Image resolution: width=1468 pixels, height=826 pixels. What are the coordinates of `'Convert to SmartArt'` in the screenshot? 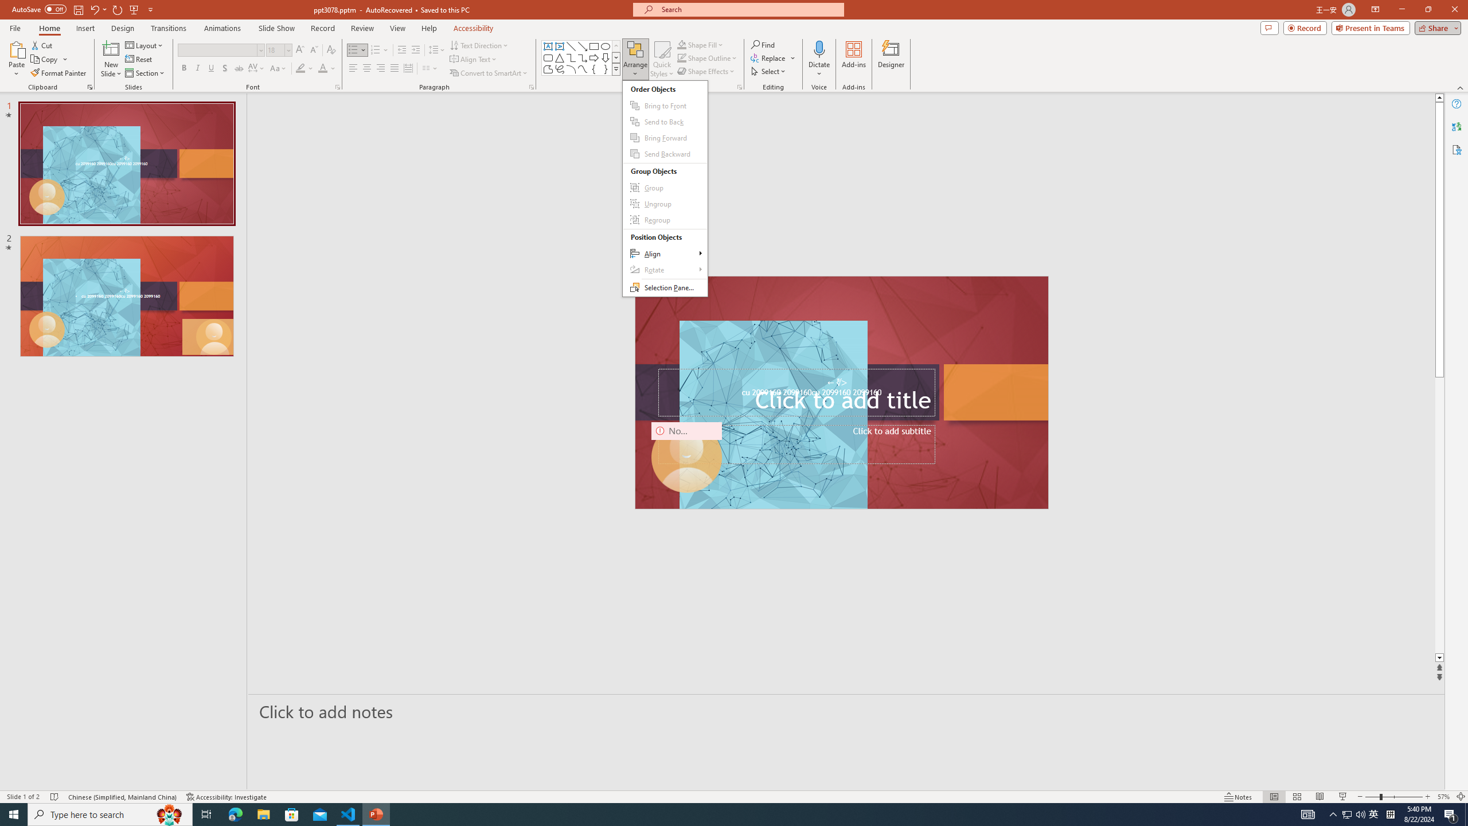 It's located at (489, 73).